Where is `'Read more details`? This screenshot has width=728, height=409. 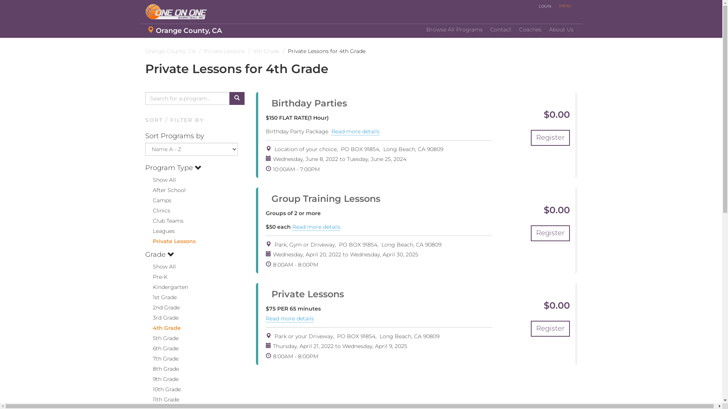 'Read more details is located at coordinates (355, 131).